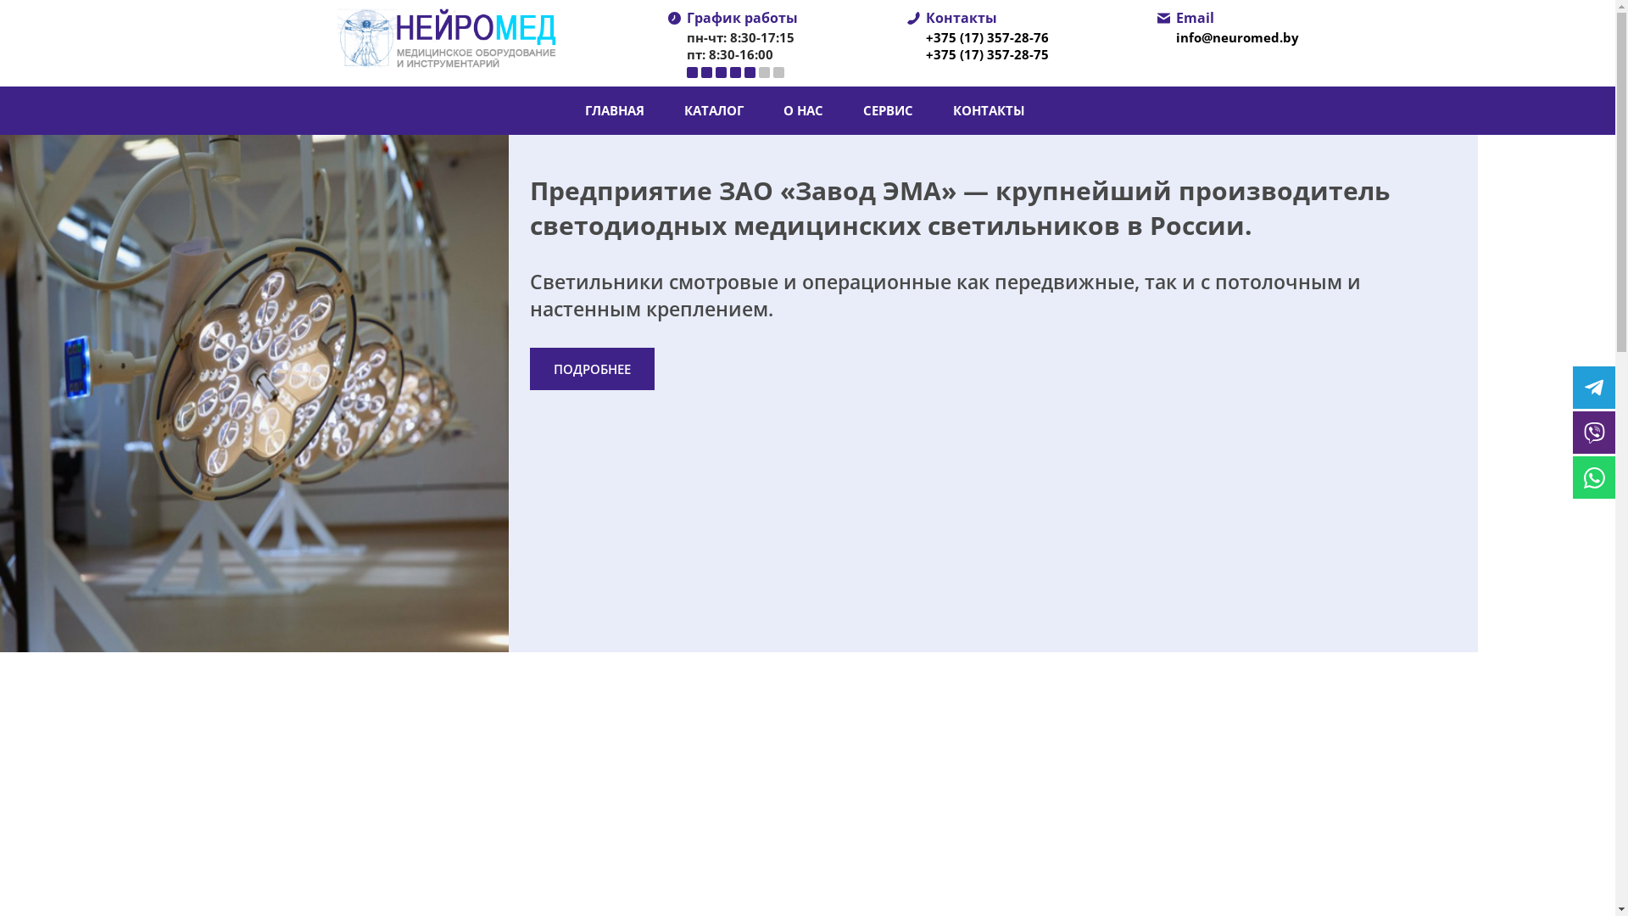 This screenshot has height=916, width=1628. What do you see at coordinates (1175, 36) in the screenshot?
I see `'info@neuromed.by'` at bounding box center [1175, 36].